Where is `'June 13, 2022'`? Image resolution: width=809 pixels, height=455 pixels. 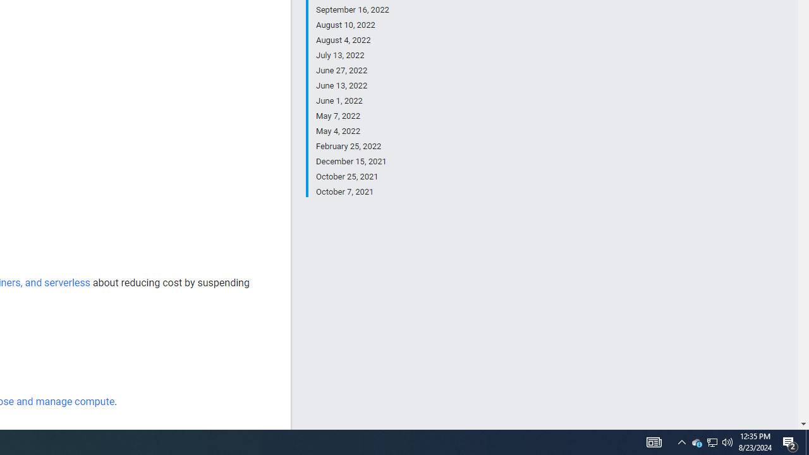 'June 13, 2022' is located at coordinates (352, 85).